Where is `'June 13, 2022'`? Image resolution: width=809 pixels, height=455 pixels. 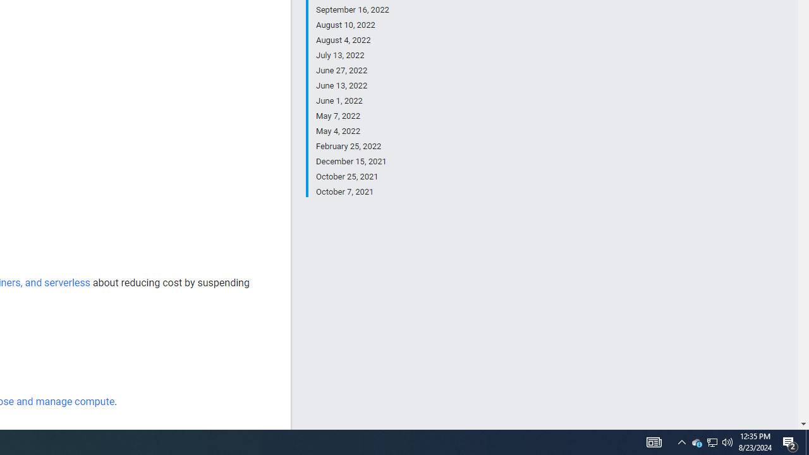 'June 13, 2022' is located at coordinates (352, 85).